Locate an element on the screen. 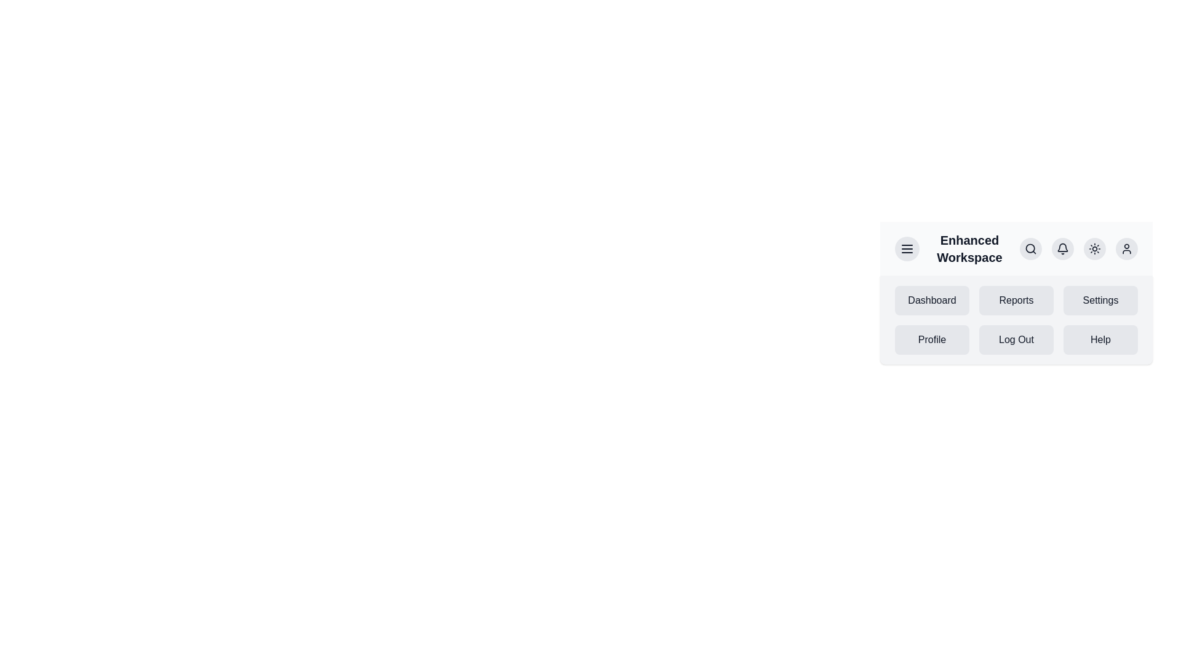 This screenshot has width=1181, height=664. the notifications bell icon to open the notifications panel is located at coordinates (1062, 249).